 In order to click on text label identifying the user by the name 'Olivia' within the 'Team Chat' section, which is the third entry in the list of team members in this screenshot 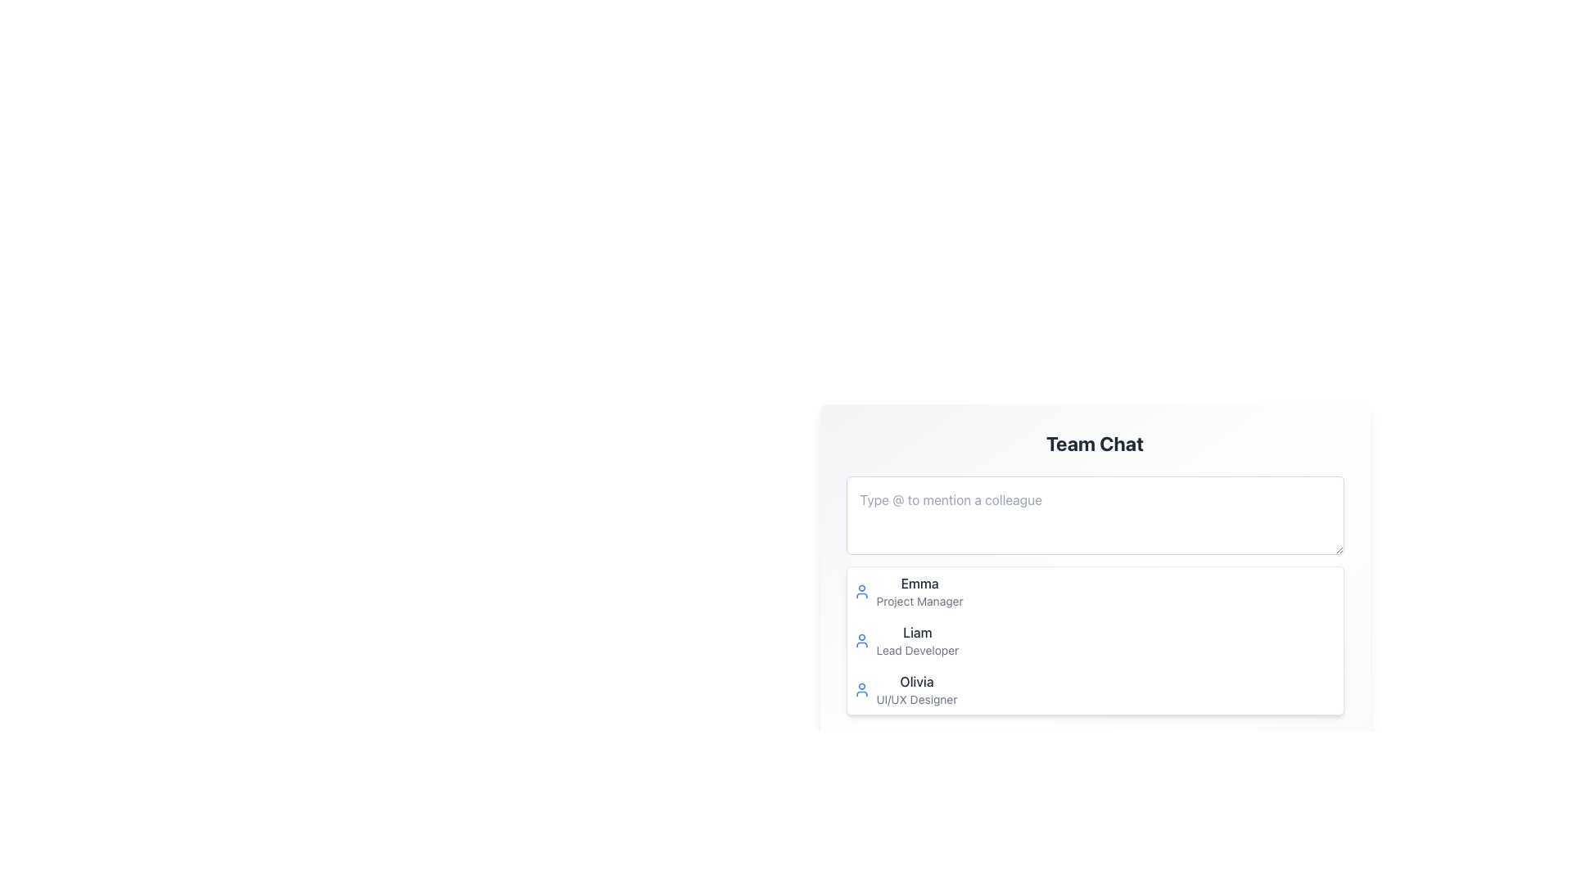, I will do `click(915, 682)`.